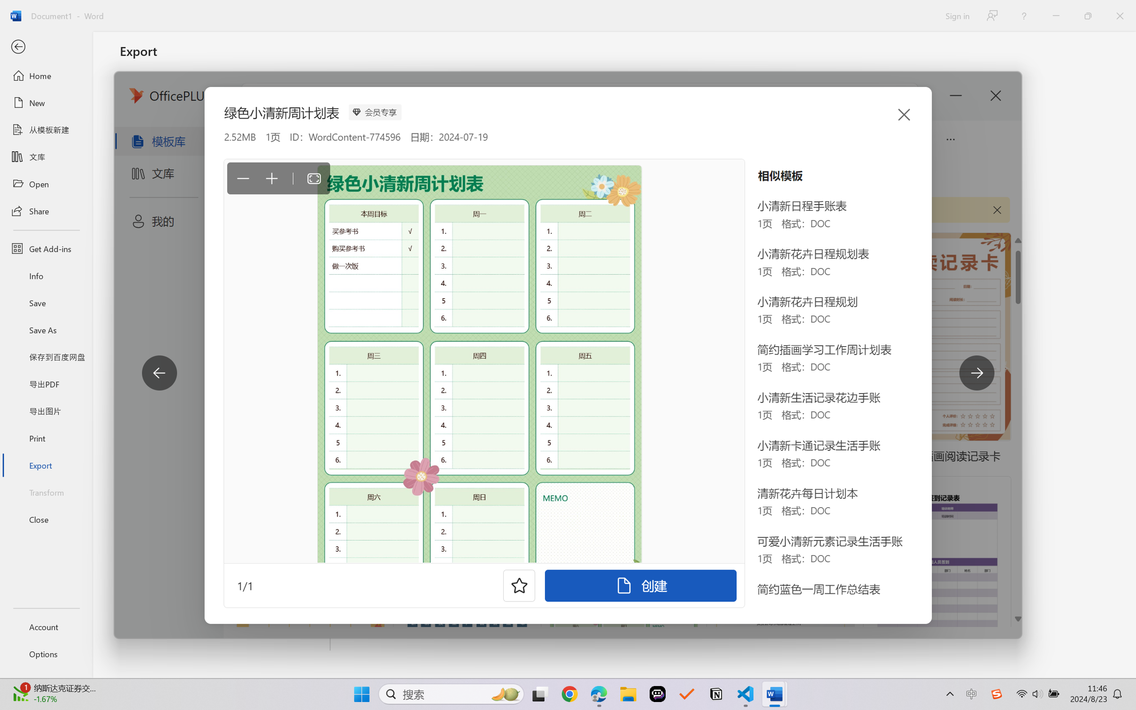 The height and width of the screenshot is (710, 1136). What do you see at coordinates (46, 330) in the screenshot?
I see `'Save As'` at bounding box center [46, 330].